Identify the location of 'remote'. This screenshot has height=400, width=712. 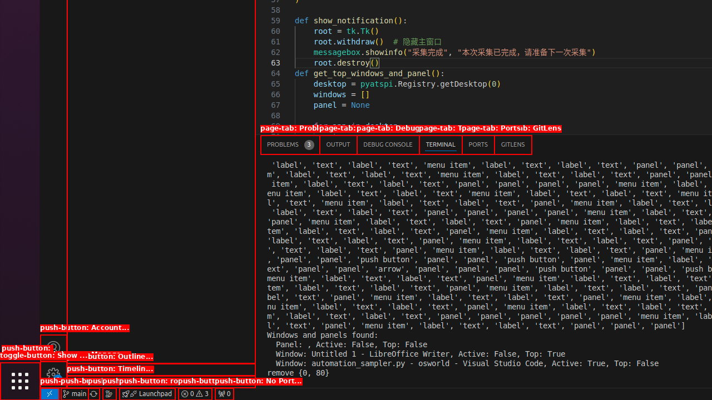
(48, 393).